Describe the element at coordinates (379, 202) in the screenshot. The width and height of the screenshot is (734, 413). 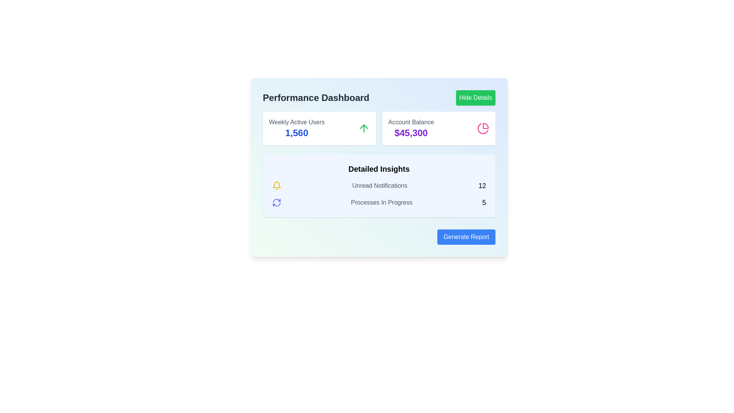
I see `the 'Processes In Progress' text element, which includes a blue refresh icon and a count of '5' in the 'Detailed Insights' section, to manage its associated components` at that location.